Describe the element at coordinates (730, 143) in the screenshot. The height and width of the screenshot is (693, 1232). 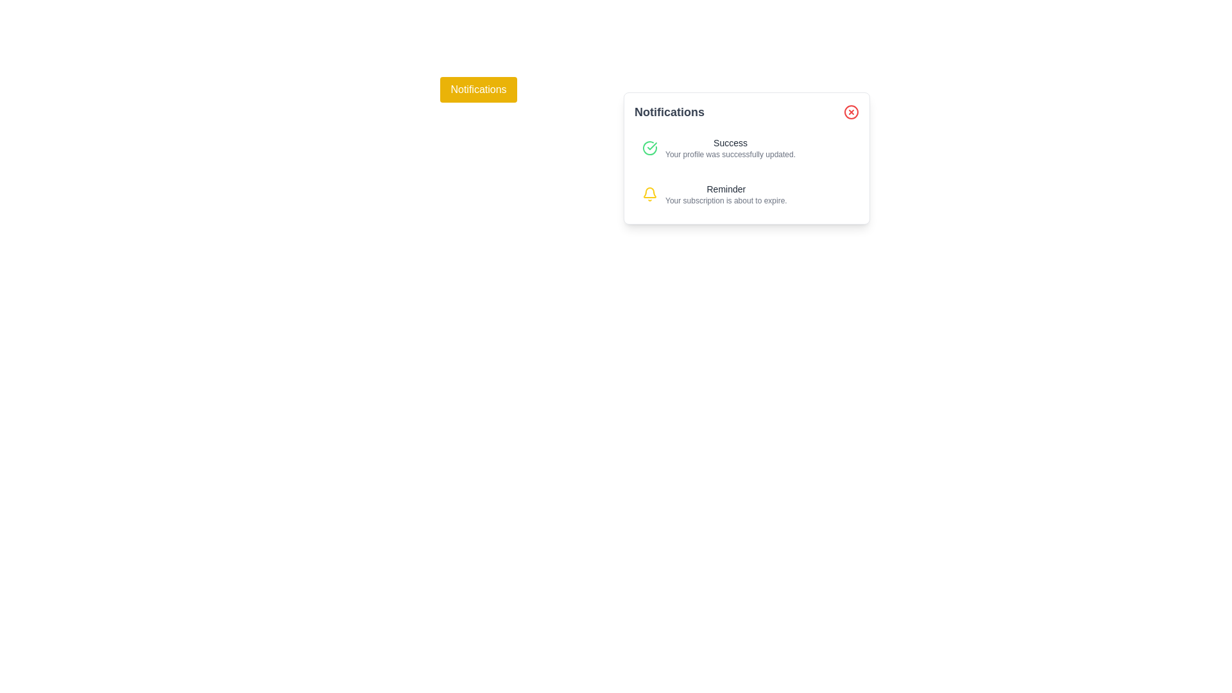
I see `text label displaying 'Success' which is positioned prominently above the line 'Your profile was successfully updated.' in a notification box` at that location.